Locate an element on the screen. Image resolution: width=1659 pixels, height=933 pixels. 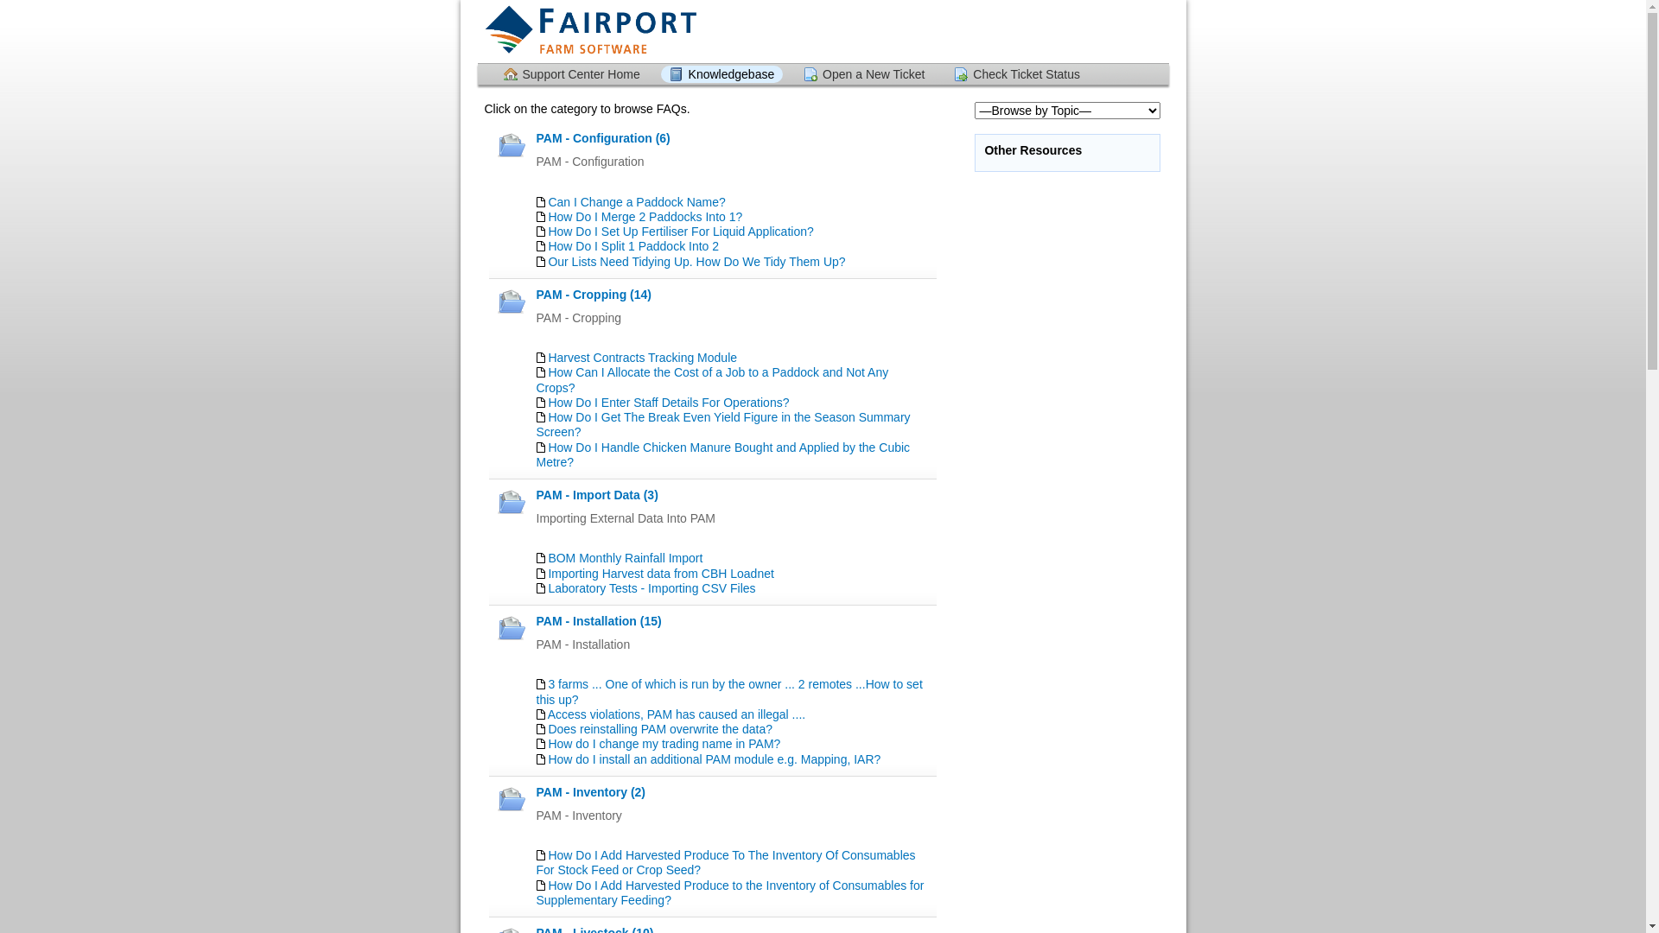
'PAM - Inventory (2)' is located at coordinates (590, 792).